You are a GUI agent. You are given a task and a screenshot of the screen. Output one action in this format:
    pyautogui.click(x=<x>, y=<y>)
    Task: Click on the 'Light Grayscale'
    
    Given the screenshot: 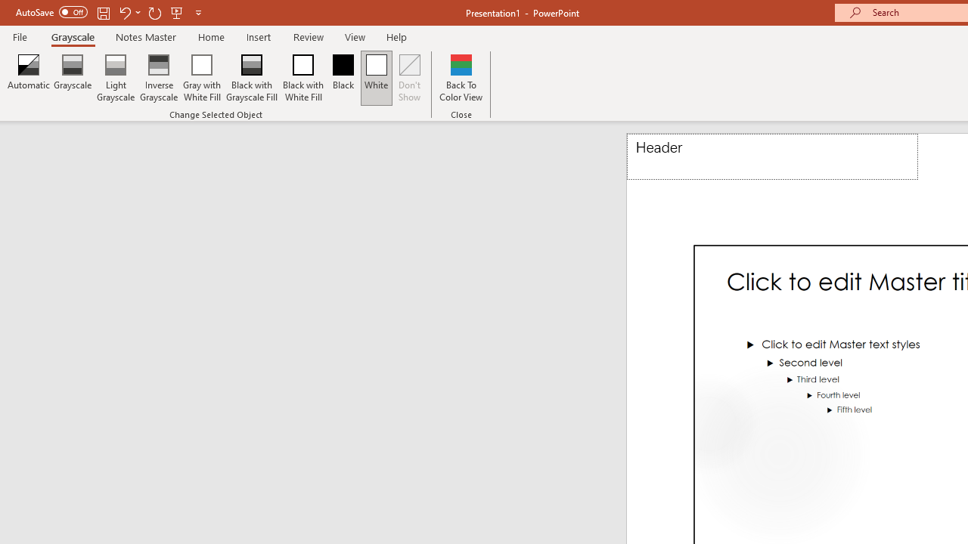 What is the action you would take?
    pyautogui.click(x=114, y=78)
    